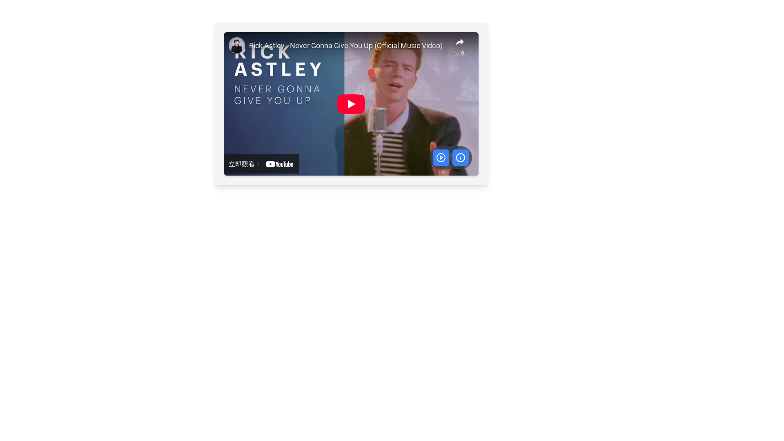  Describe the element at coordinates (440, 157) in the screenshot. I see `the circular outline of the play button icon located on the right side of the video thumbnail, which serves as its boundary` at that location.